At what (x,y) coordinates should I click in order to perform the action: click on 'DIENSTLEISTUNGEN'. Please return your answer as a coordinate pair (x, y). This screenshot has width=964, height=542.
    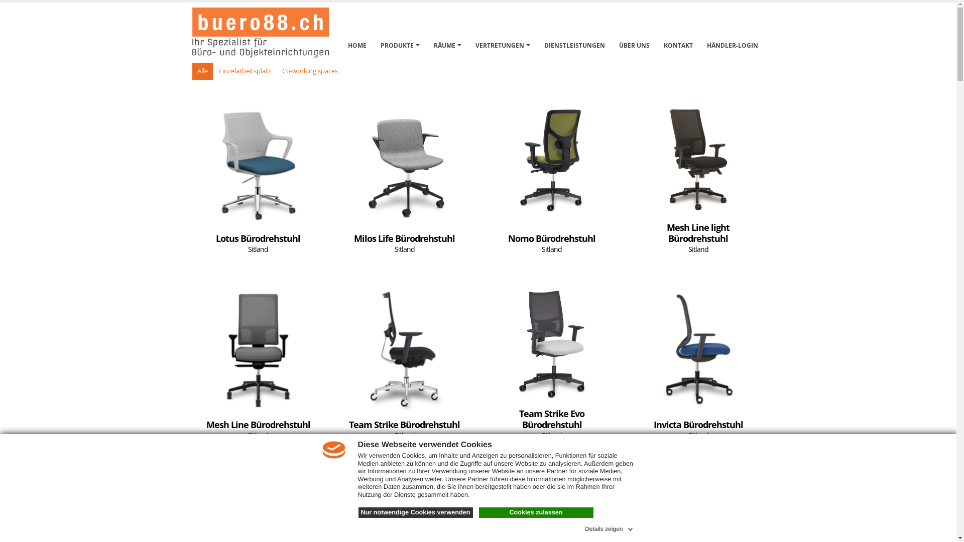
    Looking at the image, I should click on (574, 35).